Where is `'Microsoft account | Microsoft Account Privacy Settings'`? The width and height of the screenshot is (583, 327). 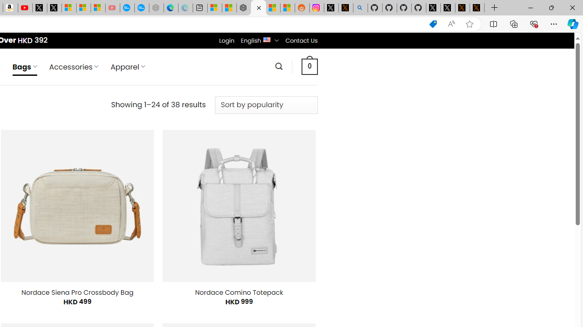 'Microsoft account | Microsoft Account Privacy Settings' is located at coordinates (214, 8).